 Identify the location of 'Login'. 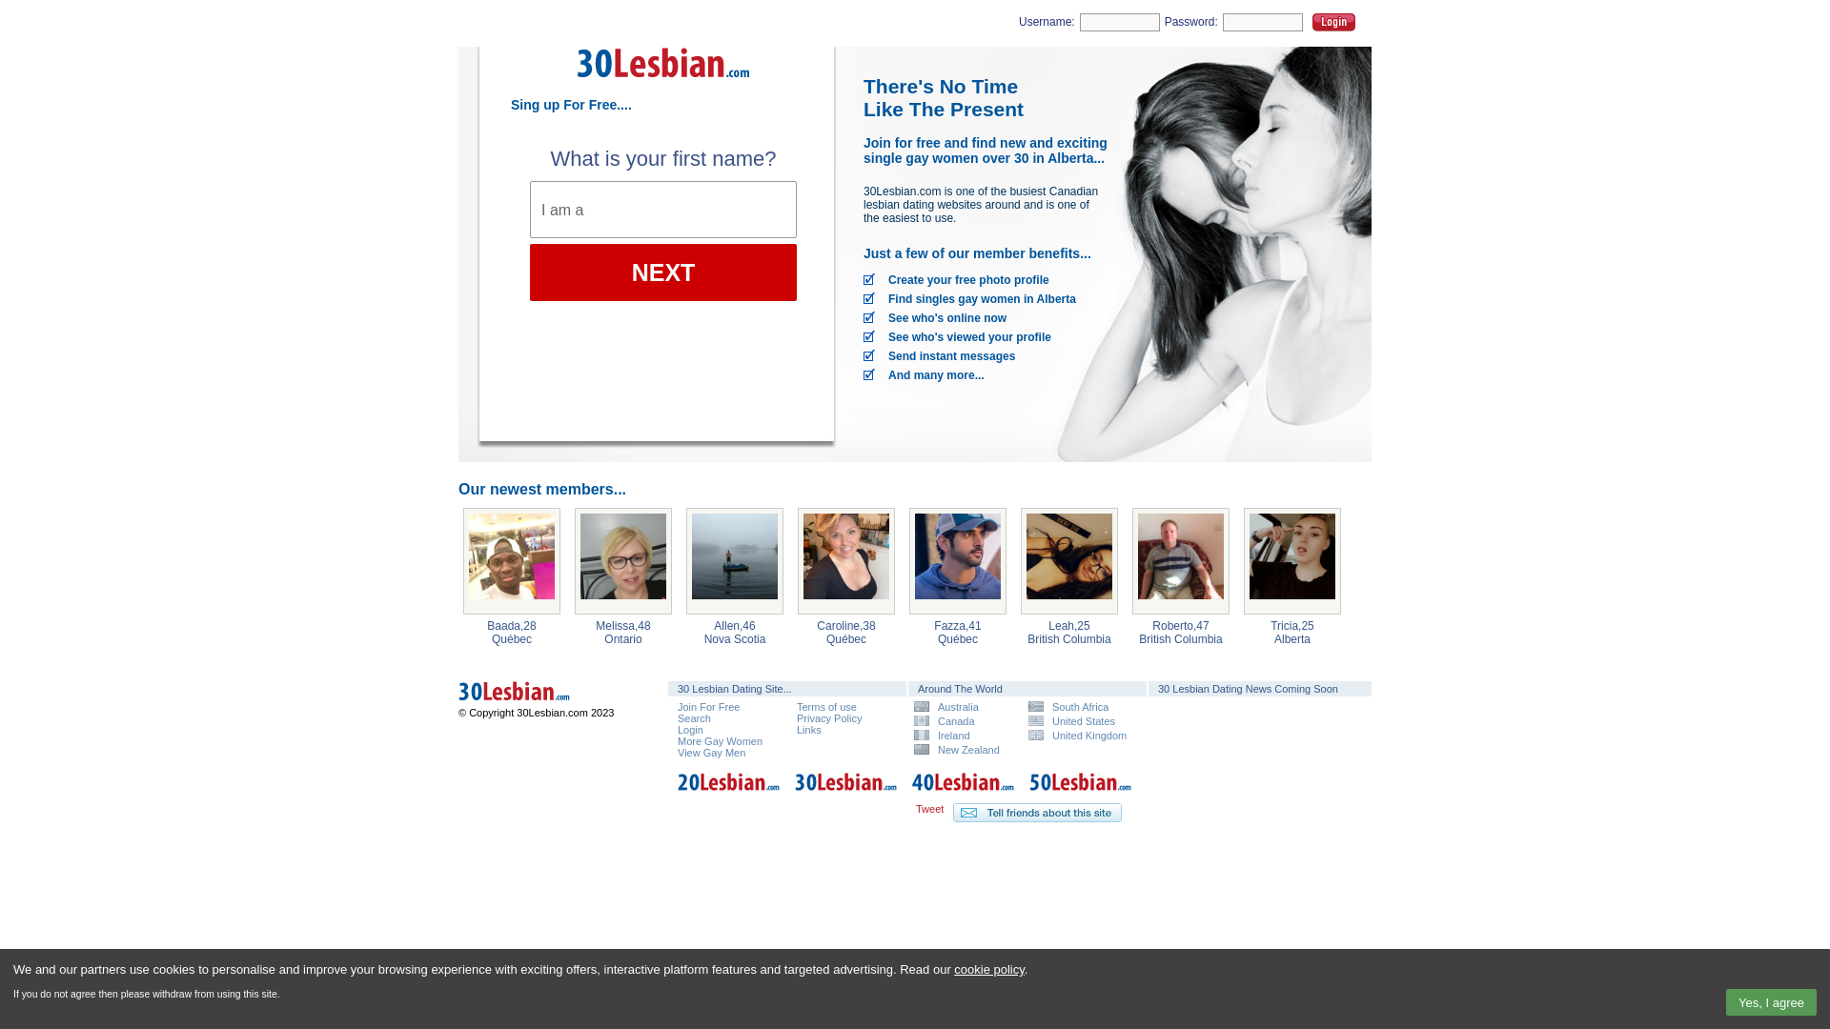
(1332, 22).